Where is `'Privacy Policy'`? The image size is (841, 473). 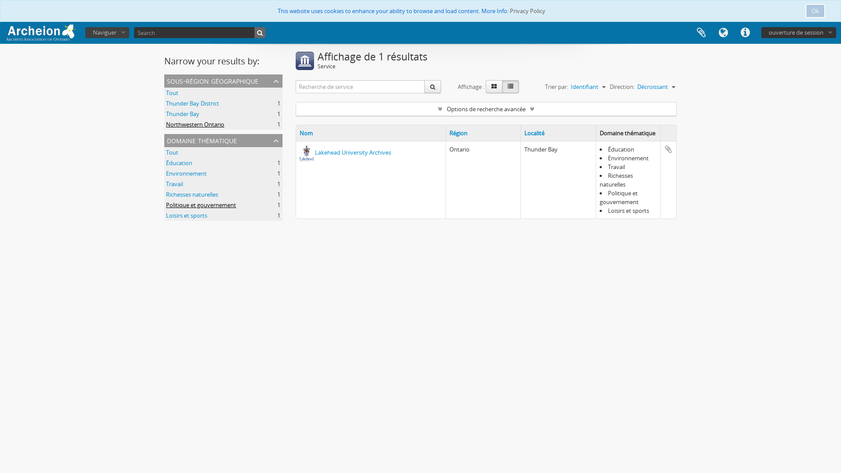
'Privacy Policy' is located at coordinates (527, 11).